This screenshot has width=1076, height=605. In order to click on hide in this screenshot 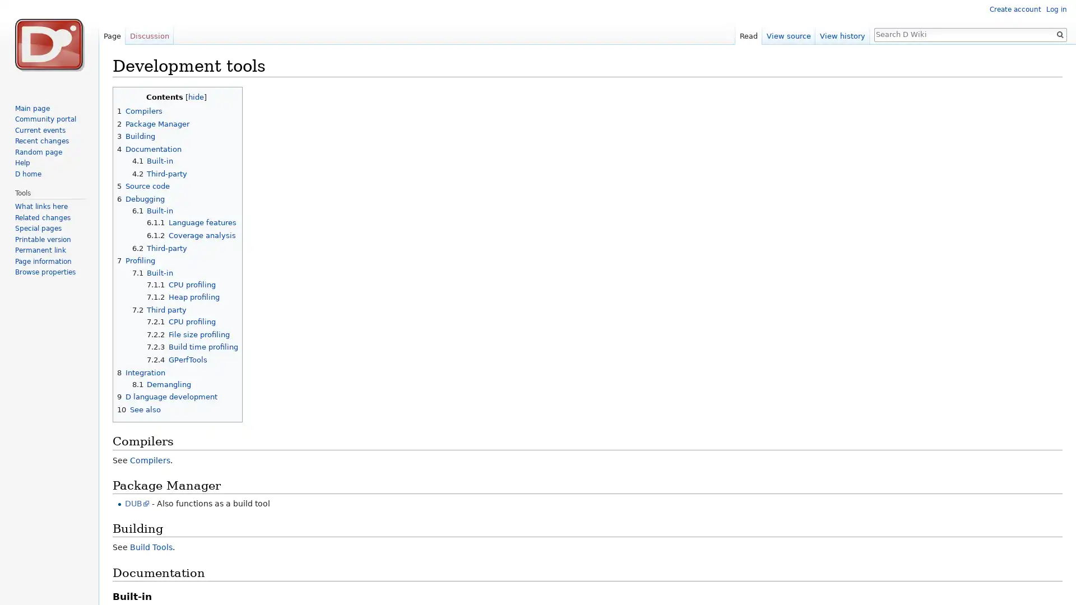, I will do `click(196, 96)`.